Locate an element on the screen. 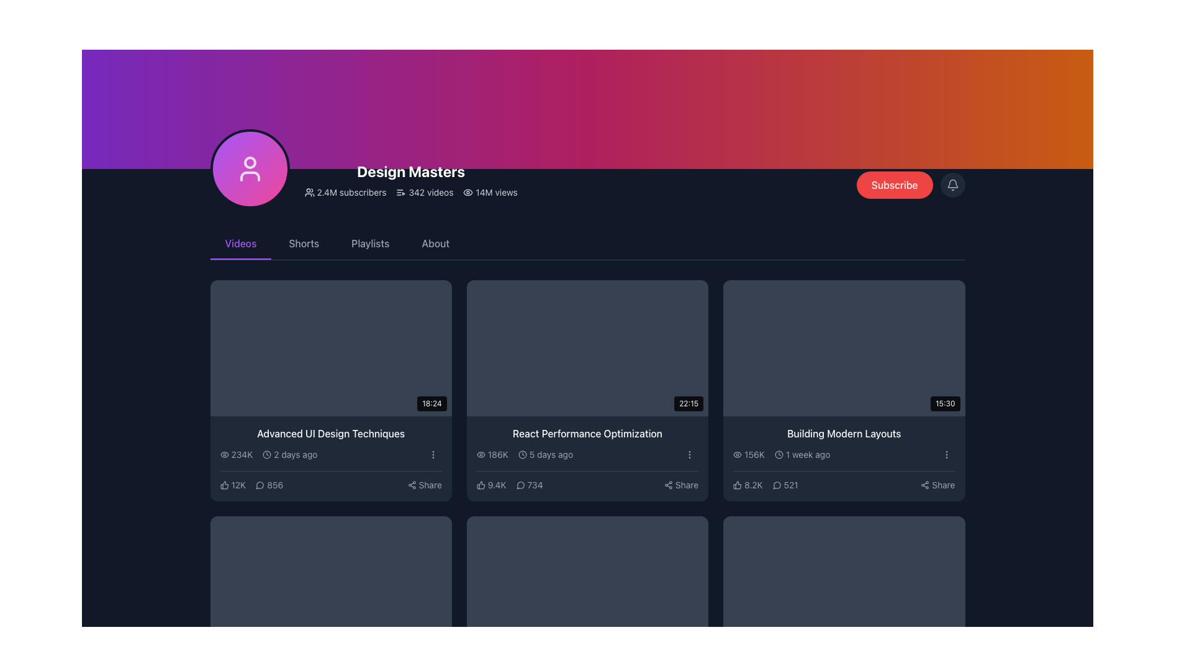  the static text label displaying the number of views for the video 'React Performance Optimization', located in the second card of the first row in the grid layout is located at coordinates (492, 455).